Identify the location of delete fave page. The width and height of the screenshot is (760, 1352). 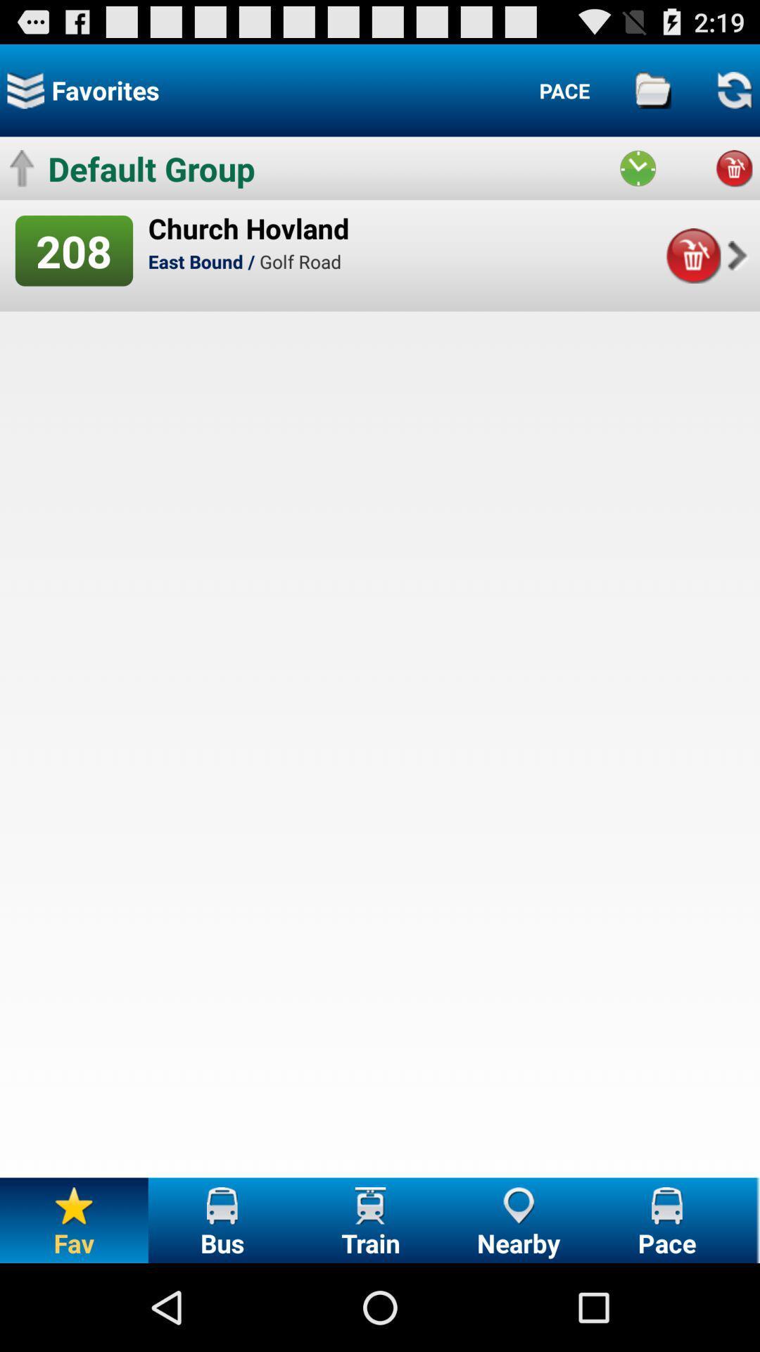
(692, 256).